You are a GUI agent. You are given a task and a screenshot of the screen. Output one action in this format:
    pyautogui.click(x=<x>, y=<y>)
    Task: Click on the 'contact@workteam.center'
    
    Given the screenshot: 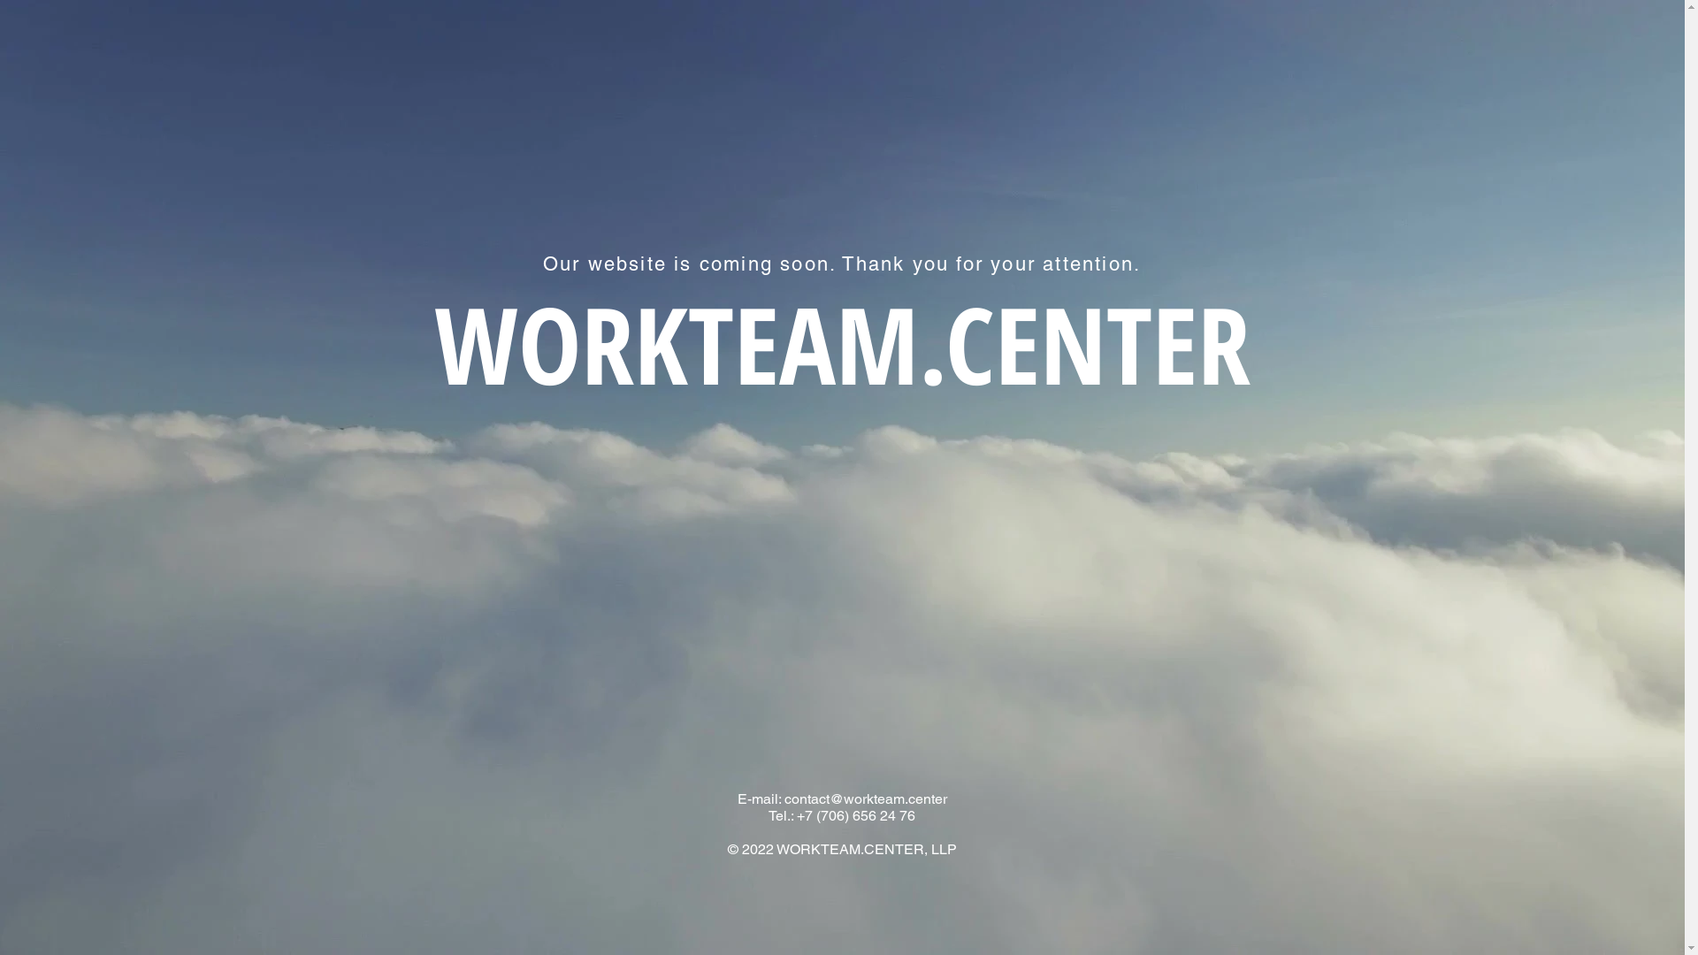 What is the action you would take?
    pyautogui.click(x=865, y=798)
    